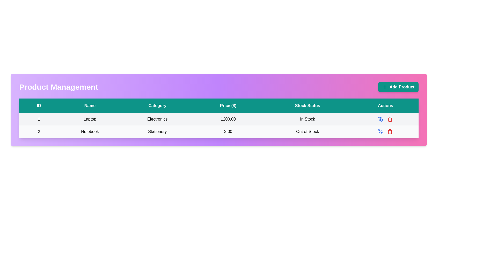 This screenshot has height=280, width=497. Describe the element at coordinates (59, 87) in the screenshot. I see `the large, bold, white text label reading 'Product Management' which is positioned in the top-left section of the interface against a gradient background` at that location.